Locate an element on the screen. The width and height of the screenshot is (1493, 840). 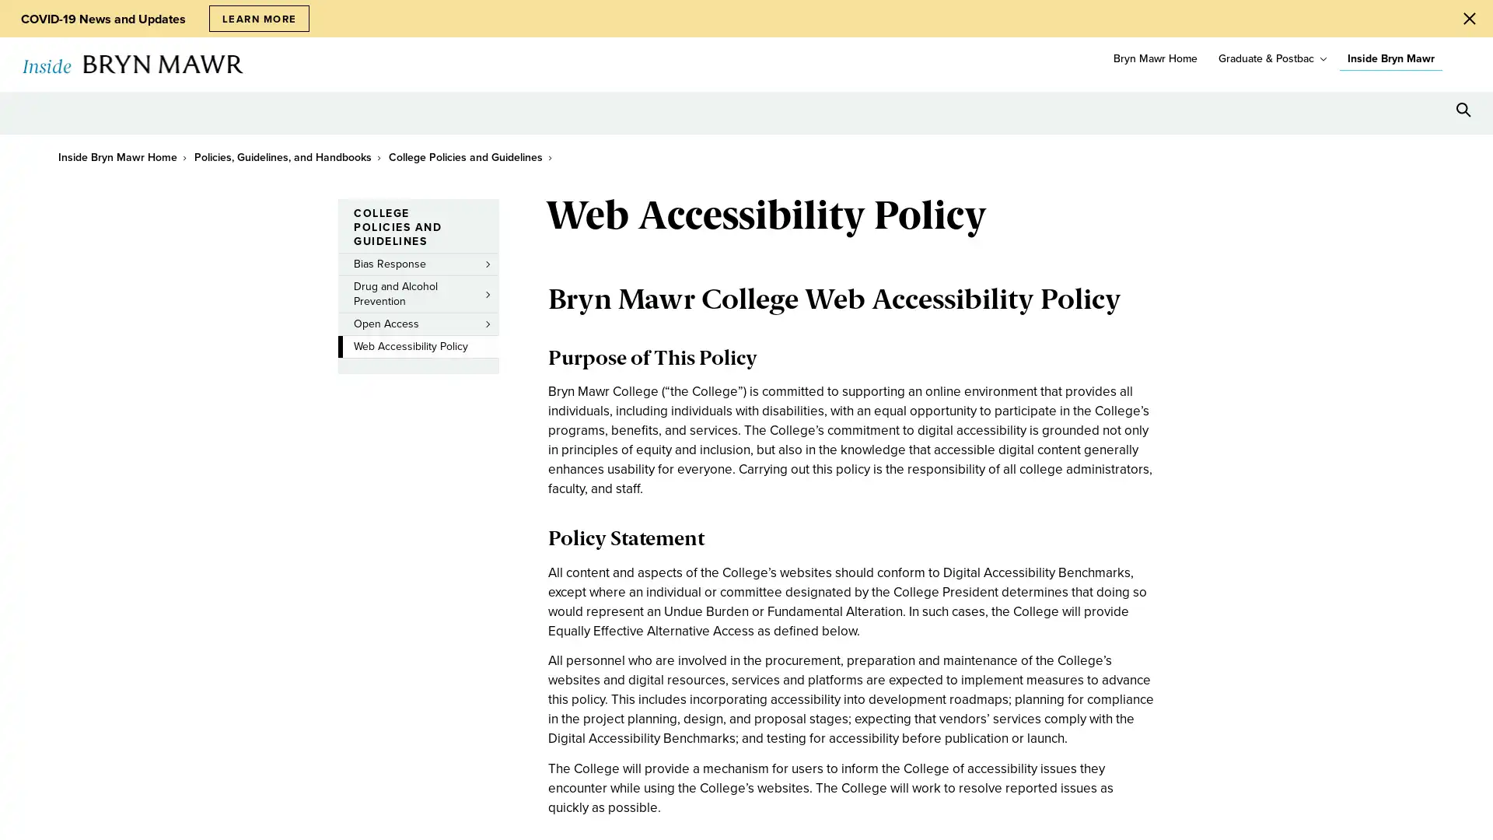
Search is located at coordinates (1462, 109).